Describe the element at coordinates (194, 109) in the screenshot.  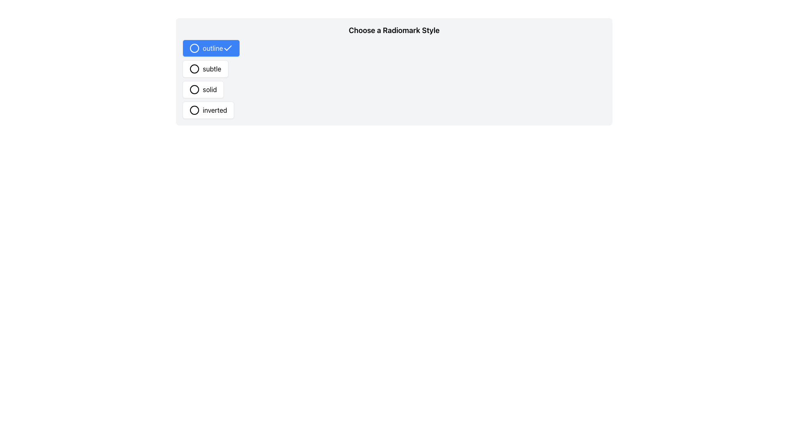
I see `the circular SVG object representing the 'inverted' radiomark option, which serves as a visual cue in the interface` at that location.